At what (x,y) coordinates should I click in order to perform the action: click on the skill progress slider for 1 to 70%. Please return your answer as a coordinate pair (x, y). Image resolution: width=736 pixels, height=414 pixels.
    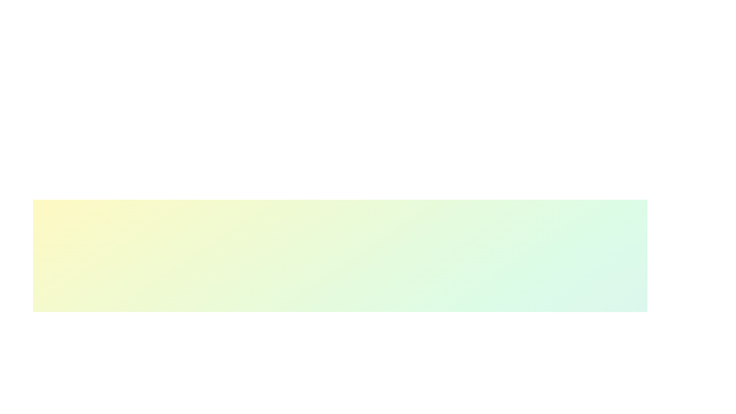
    Looking at the image, I should click on (375, 409).